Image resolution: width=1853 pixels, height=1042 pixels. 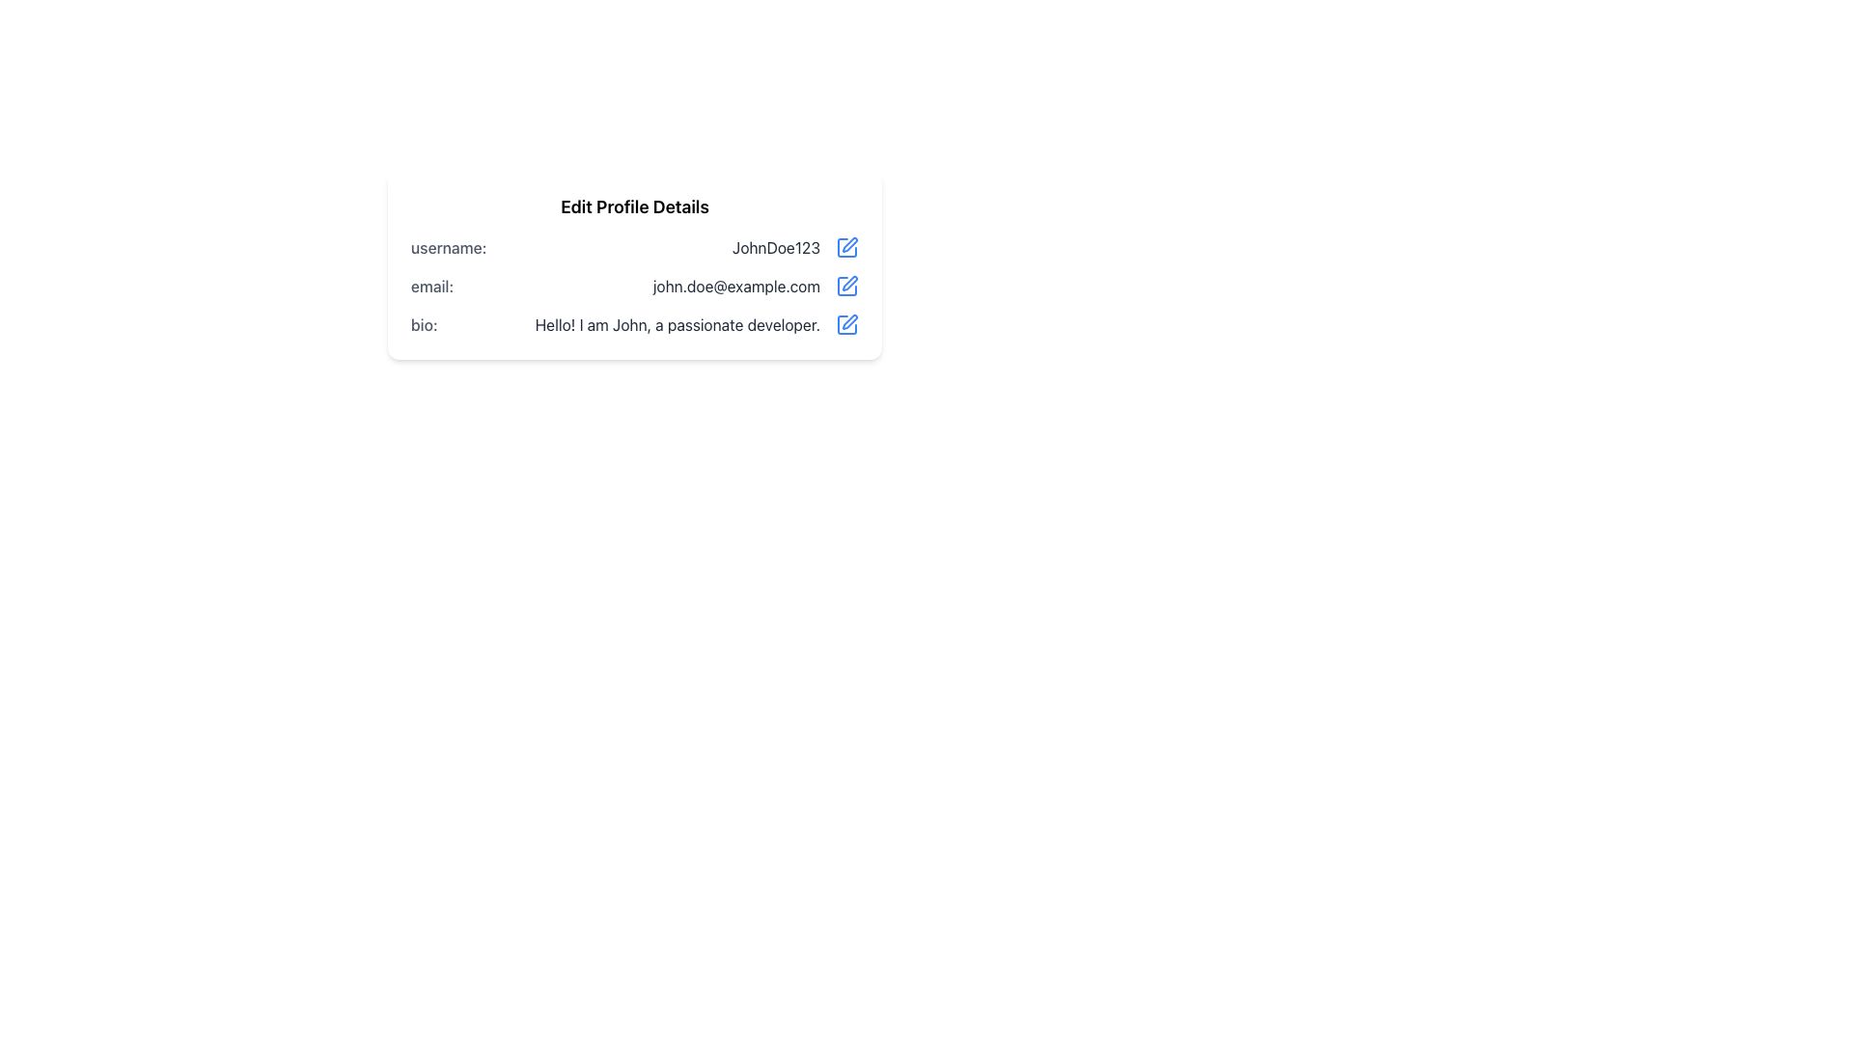 What do you see at coordinates (849, 321) in the screenshot?
I see `on the edit icon located on the right-hand side of the bio text field in the 'Edit Profile Details' section` at bounding box center [849, 321].